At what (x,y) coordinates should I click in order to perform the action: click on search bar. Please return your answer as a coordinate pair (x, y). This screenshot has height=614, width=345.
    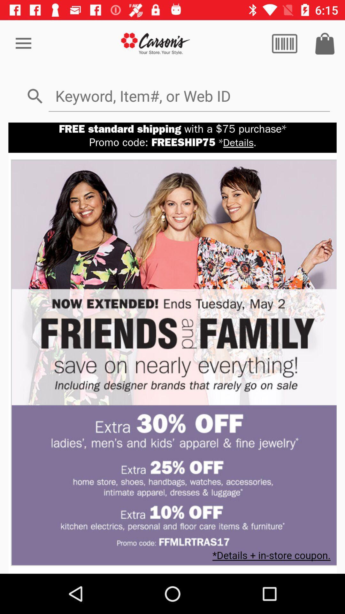
    Looking at the image, I should click on (189, 95).